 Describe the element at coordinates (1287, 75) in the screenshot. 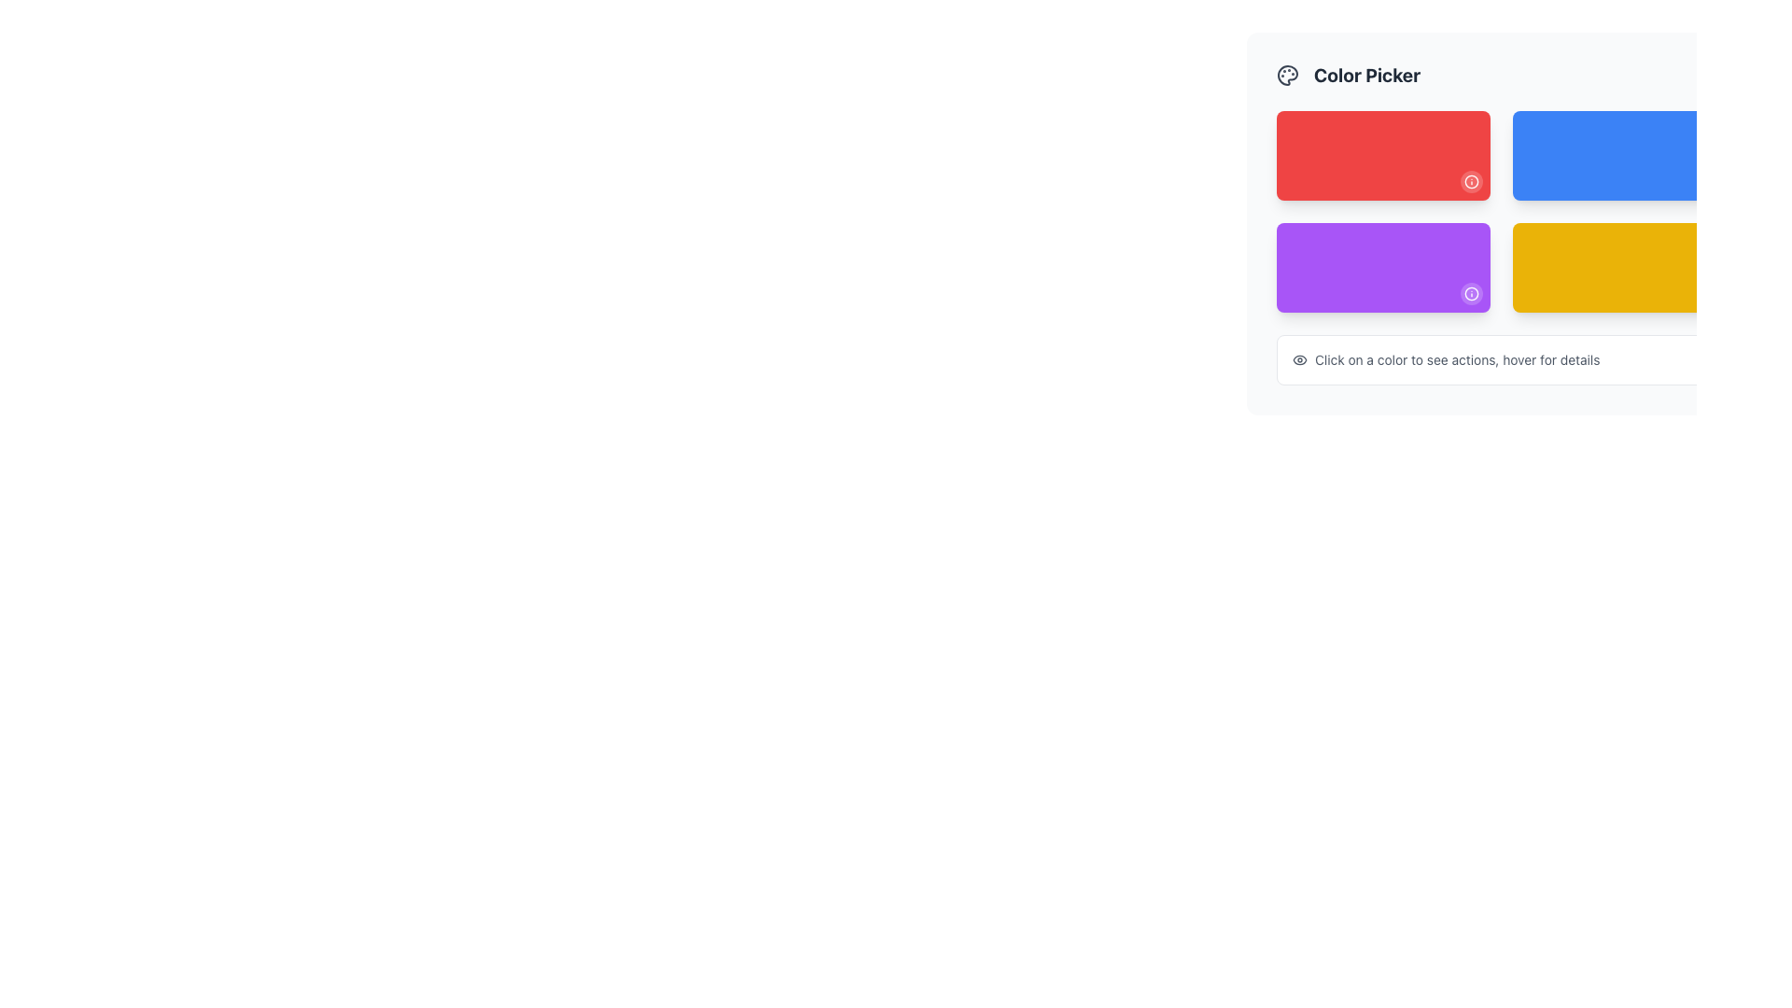

I see `the color selection icon located to the left of the 'Color Picker' text at the top-left corner of the interface` at that location.